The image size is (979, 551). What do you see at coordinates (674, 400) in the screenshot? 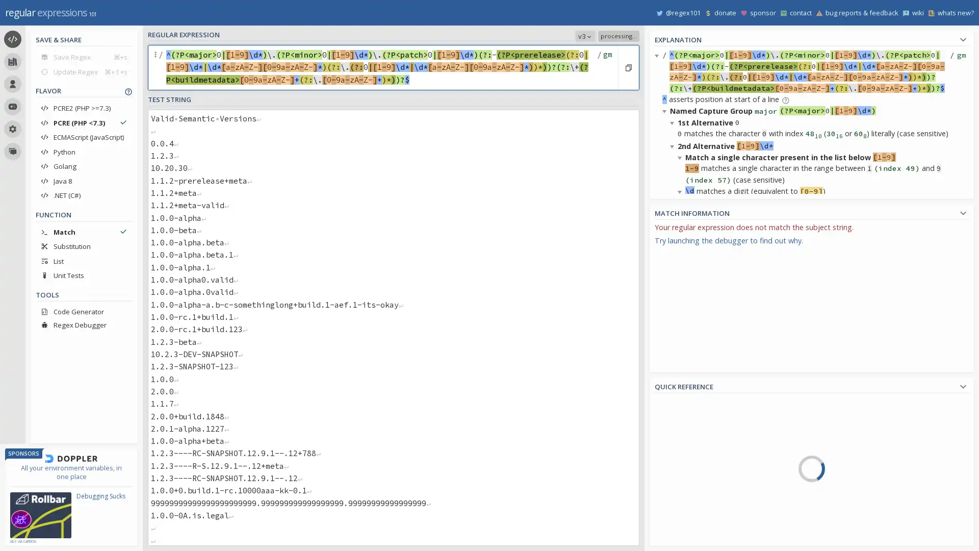
I see `Collapse Subtree` at bounding box center [674, 400].